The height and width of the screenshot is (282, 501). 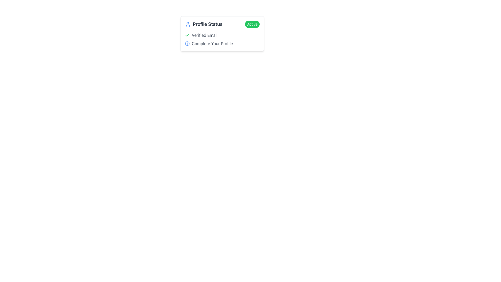 I want to click on the informational text label indicating the status of email verification, which is located to the right of a green checkmark icon, so click(x=204, y=35).